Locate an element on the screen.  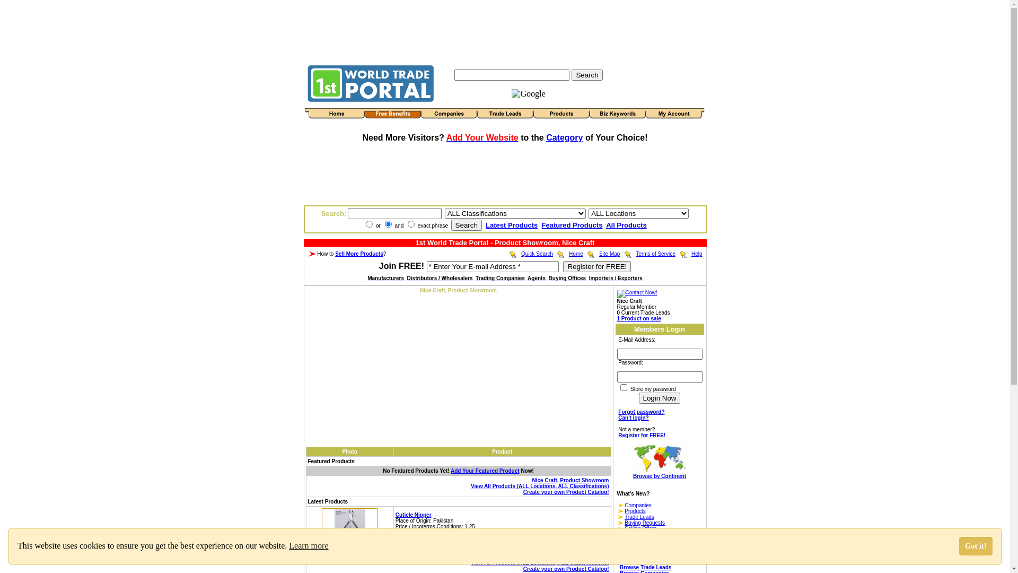
'Help' is located at coordinates (697, 254).